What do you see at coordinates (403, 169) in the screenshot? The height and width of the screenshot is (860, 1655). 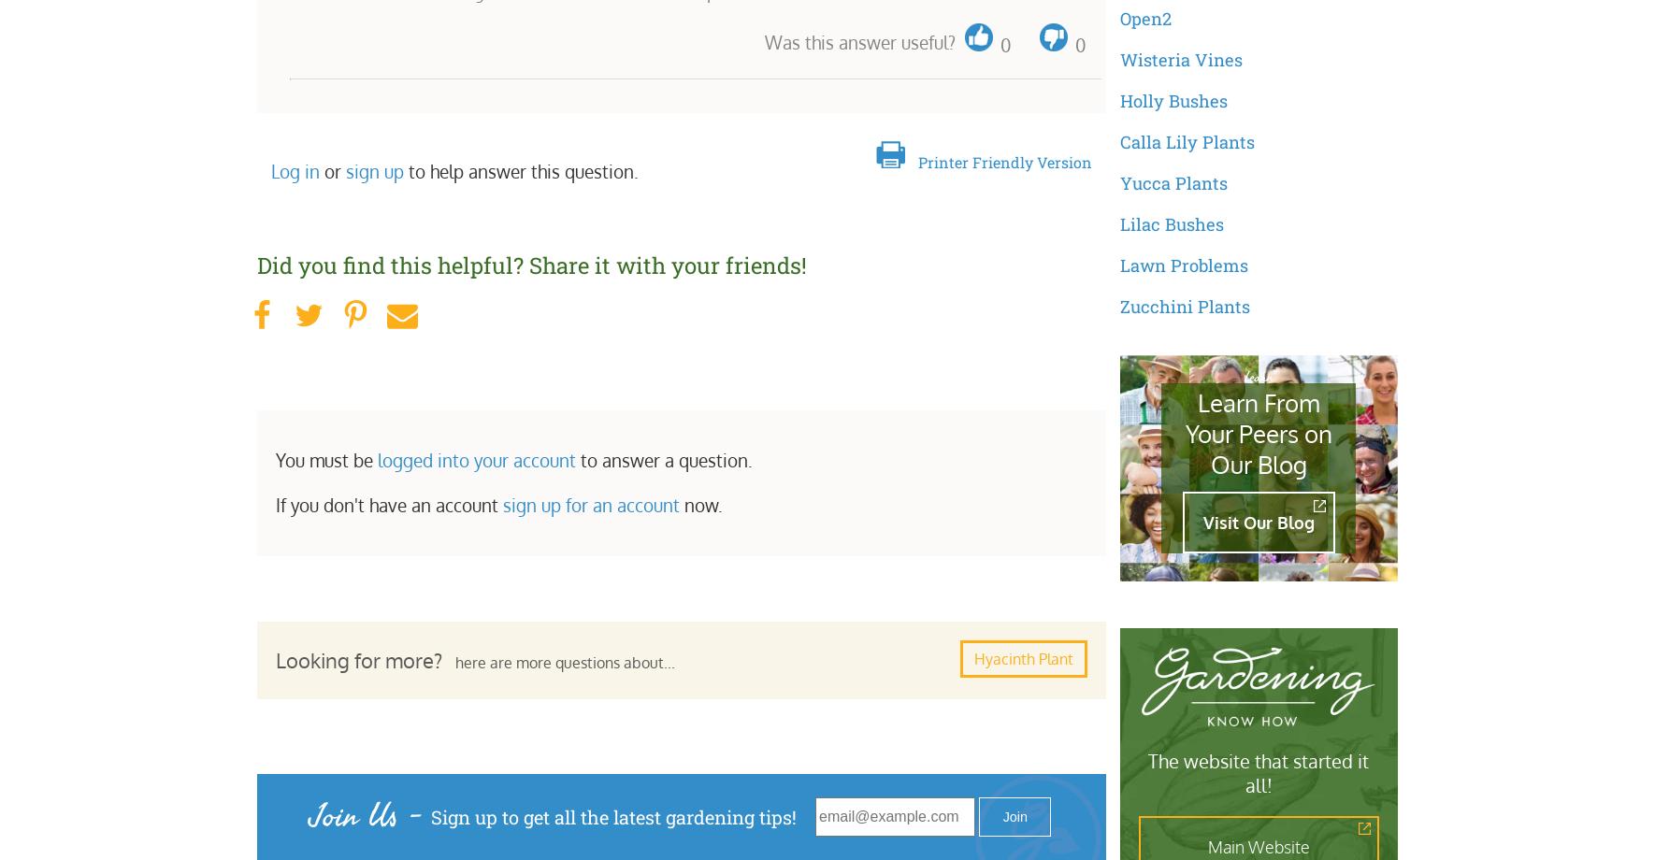 I see `'to help answer this question.'` at bounding box center [403, 169].